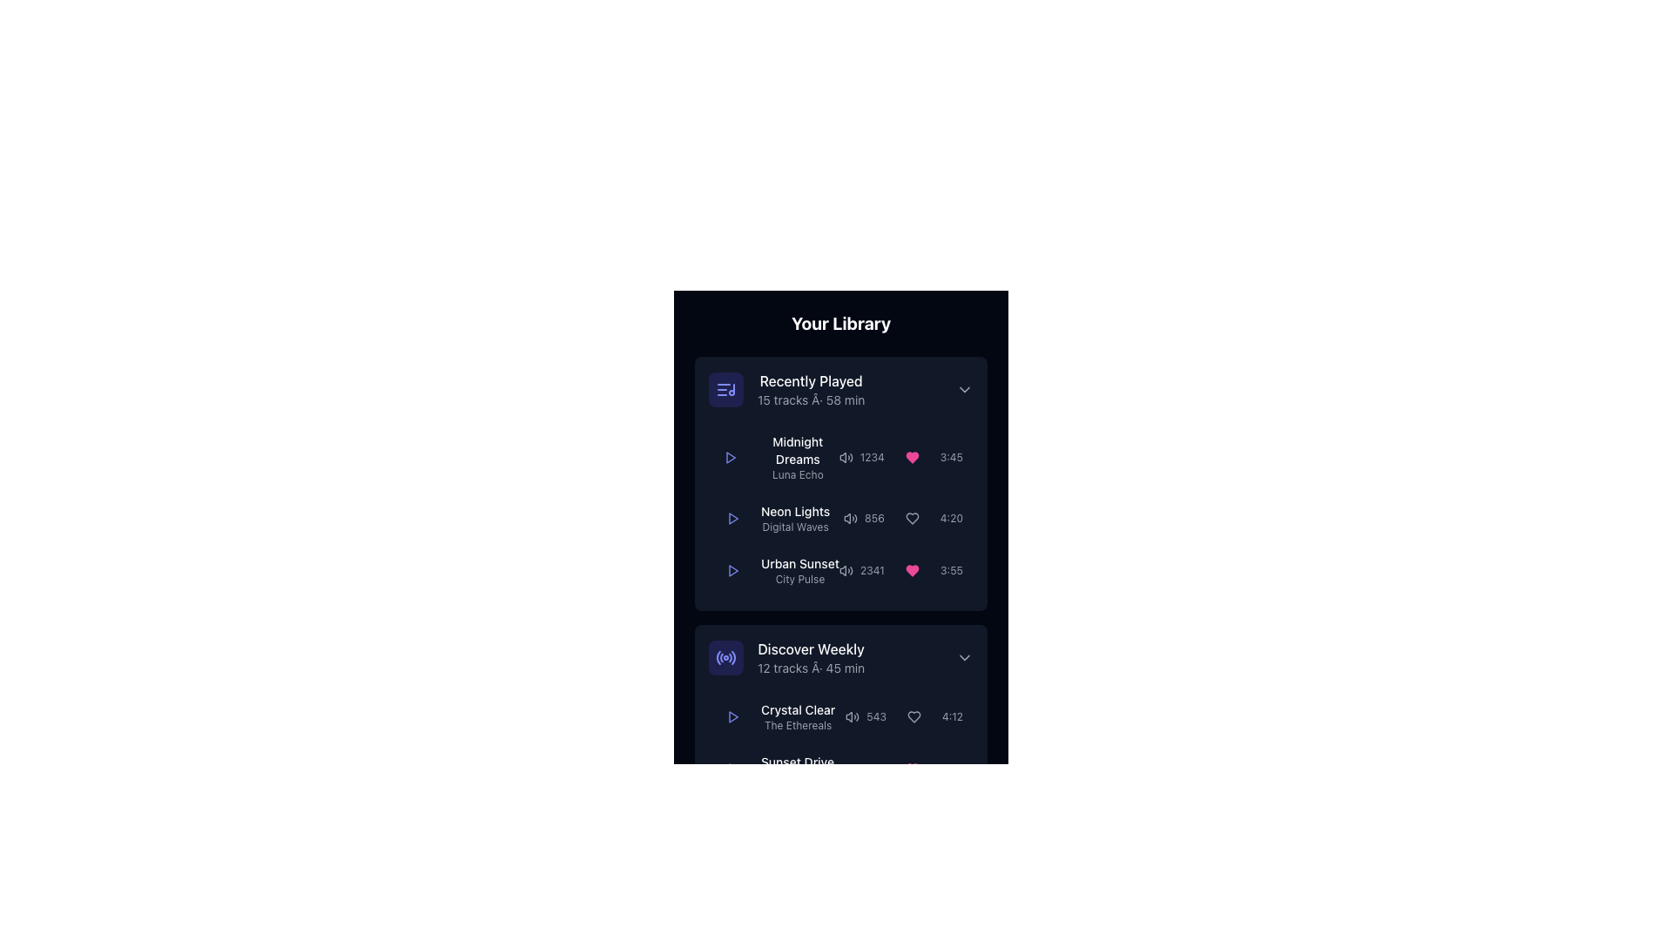 The image size is (1672, 940). Describe the element at coordinates (810, 667) in the screenshot. I see `the Text Label element that displays playlist details, stating '12 tracks • 45 min', positioned below the 'Discover Weekly' title` at that location.